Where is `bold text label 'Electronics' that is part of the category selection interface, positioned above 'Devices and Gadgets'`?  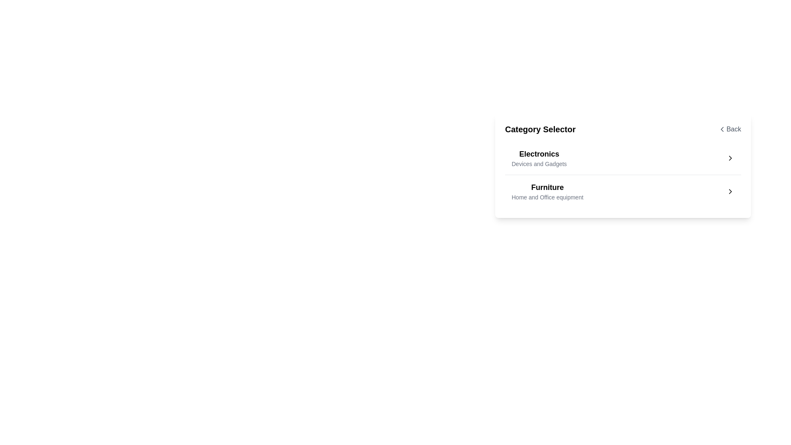 bold text label 'Electronics' that is part of the category selection interface, positioned above 'Devices and Gadgets' is located at coordinates (539, 154).